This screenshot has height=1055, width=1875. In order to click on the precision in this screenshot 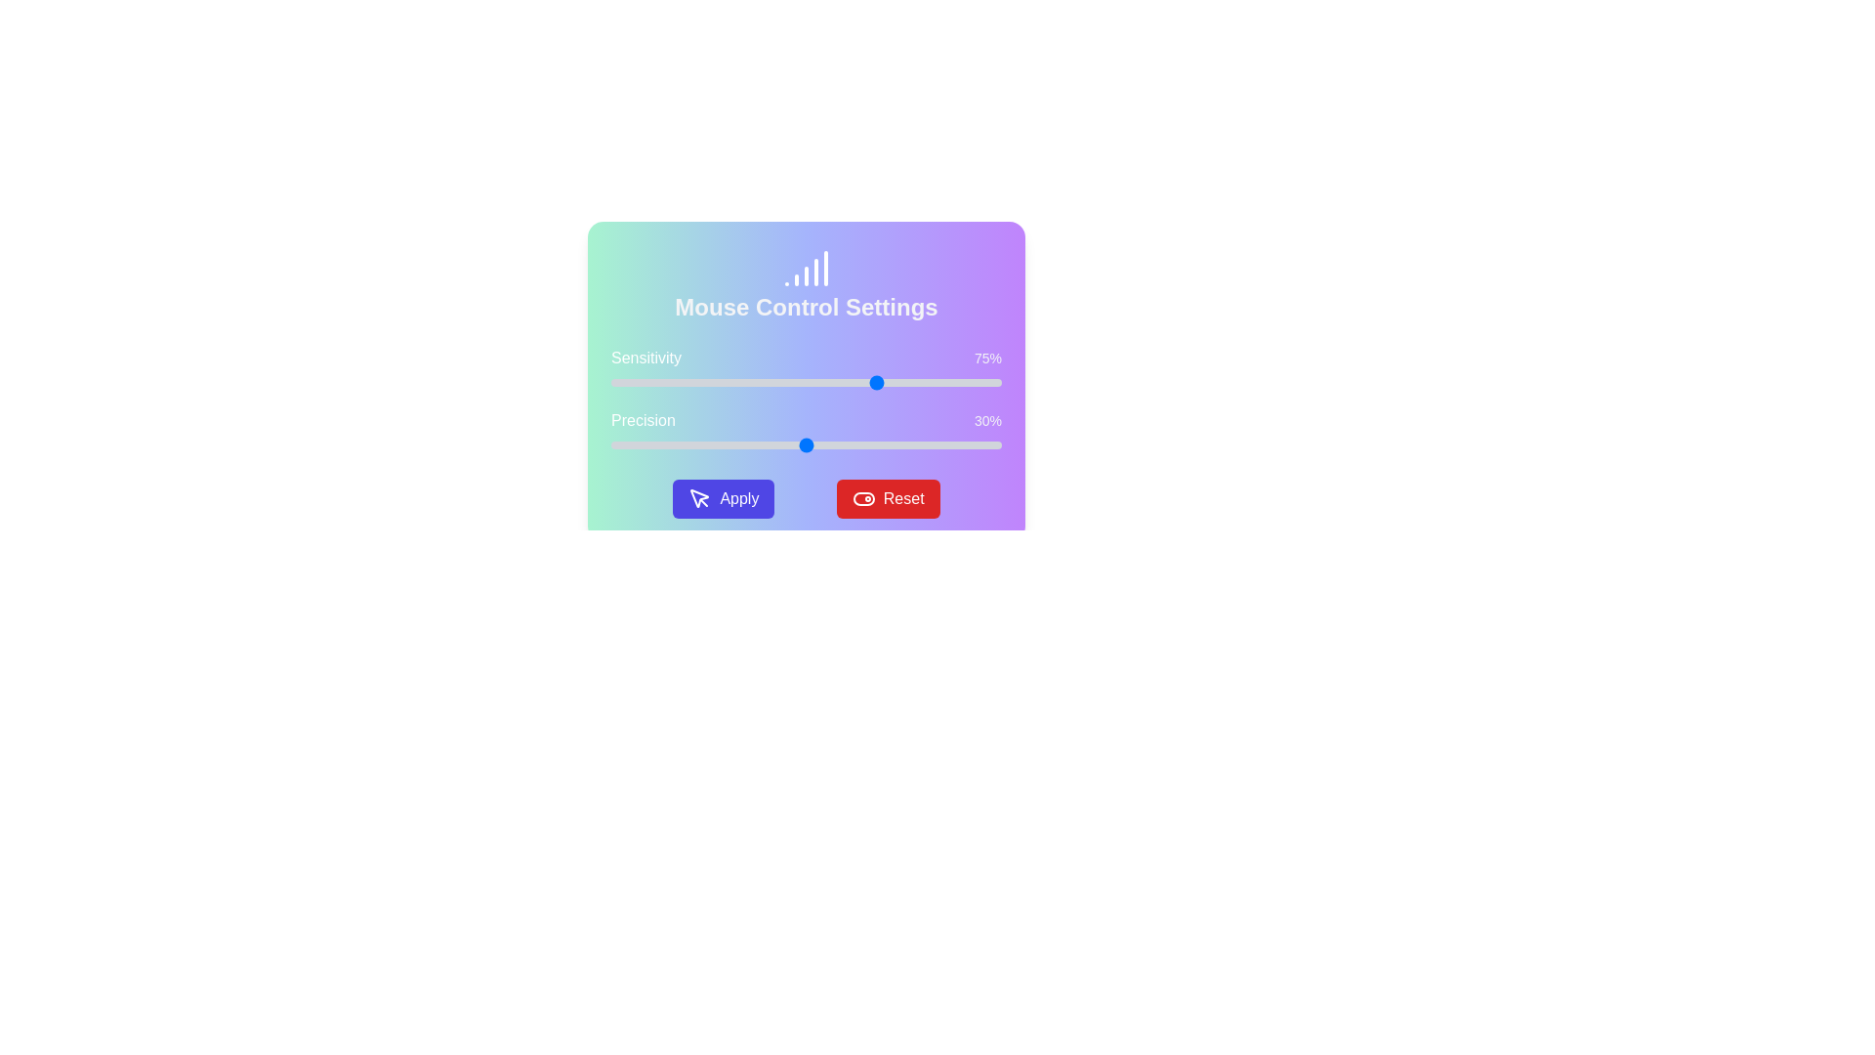, I will do `click(806, 444)`.